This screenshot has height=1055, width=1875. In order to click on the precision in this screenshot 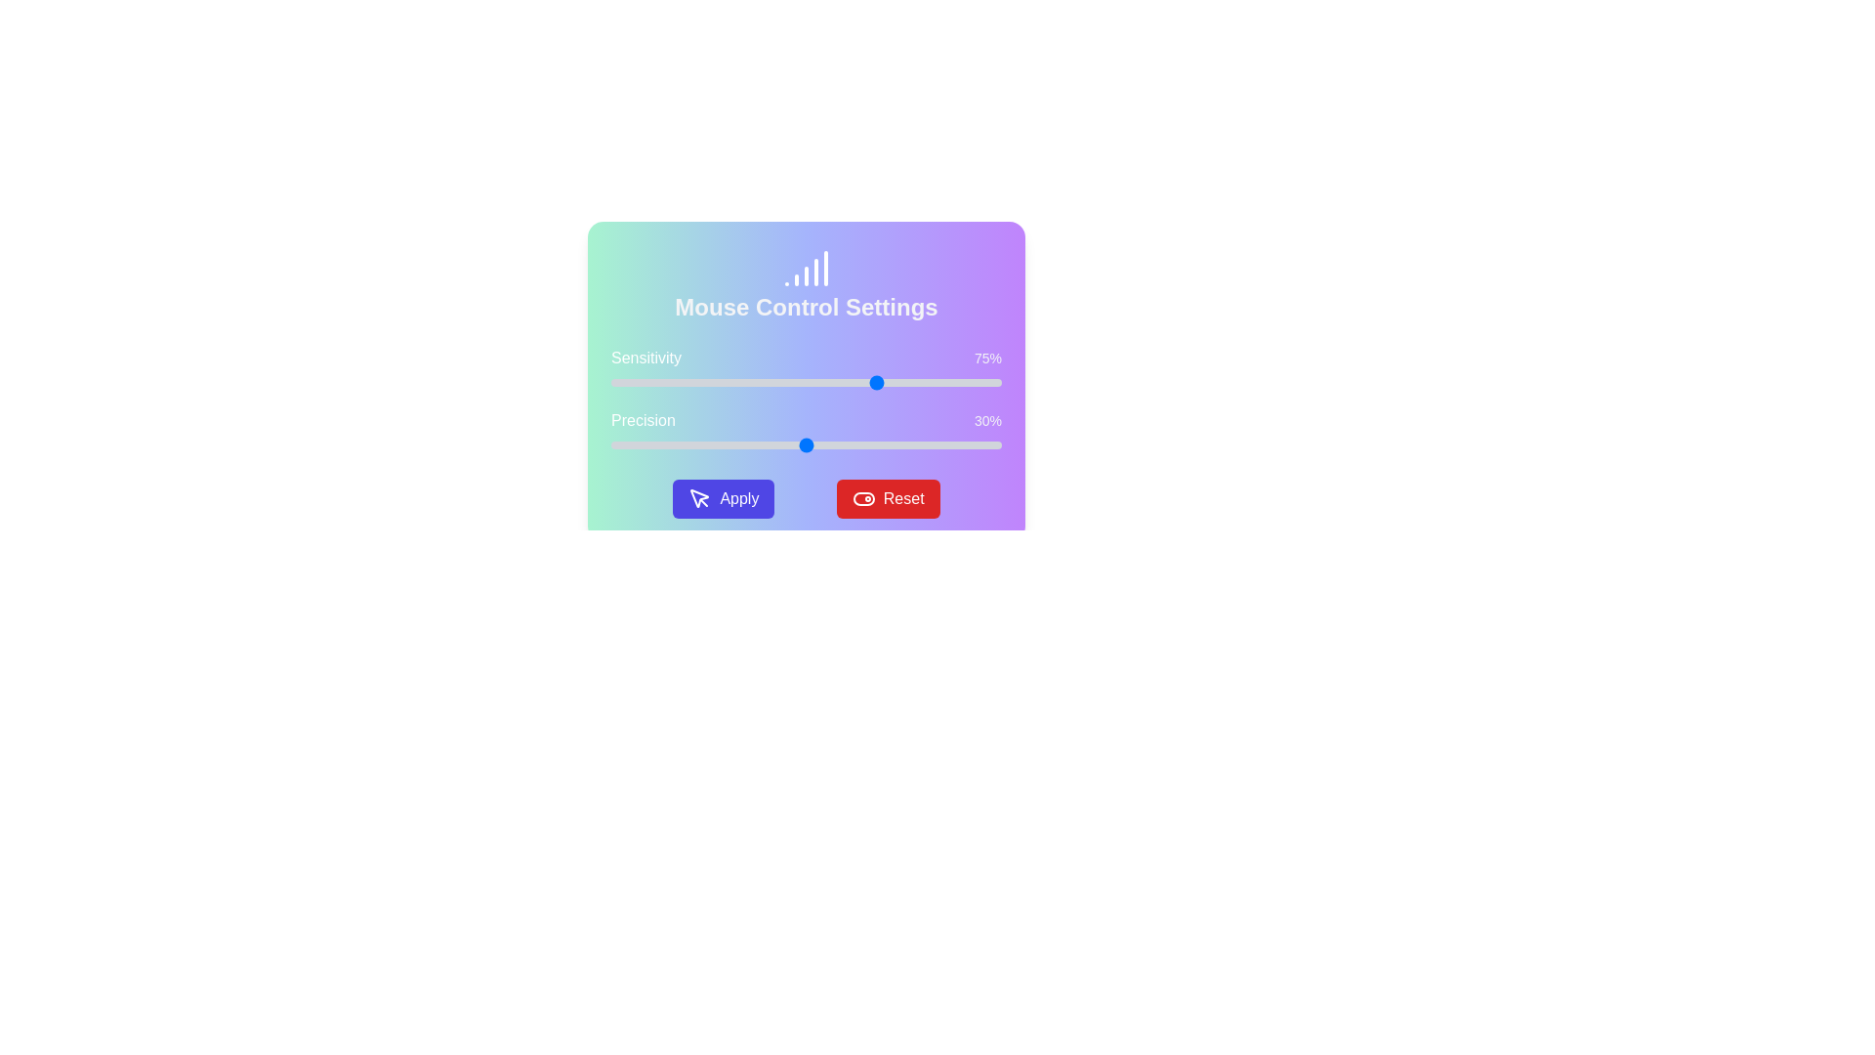, I will do `click(806, 444)`.